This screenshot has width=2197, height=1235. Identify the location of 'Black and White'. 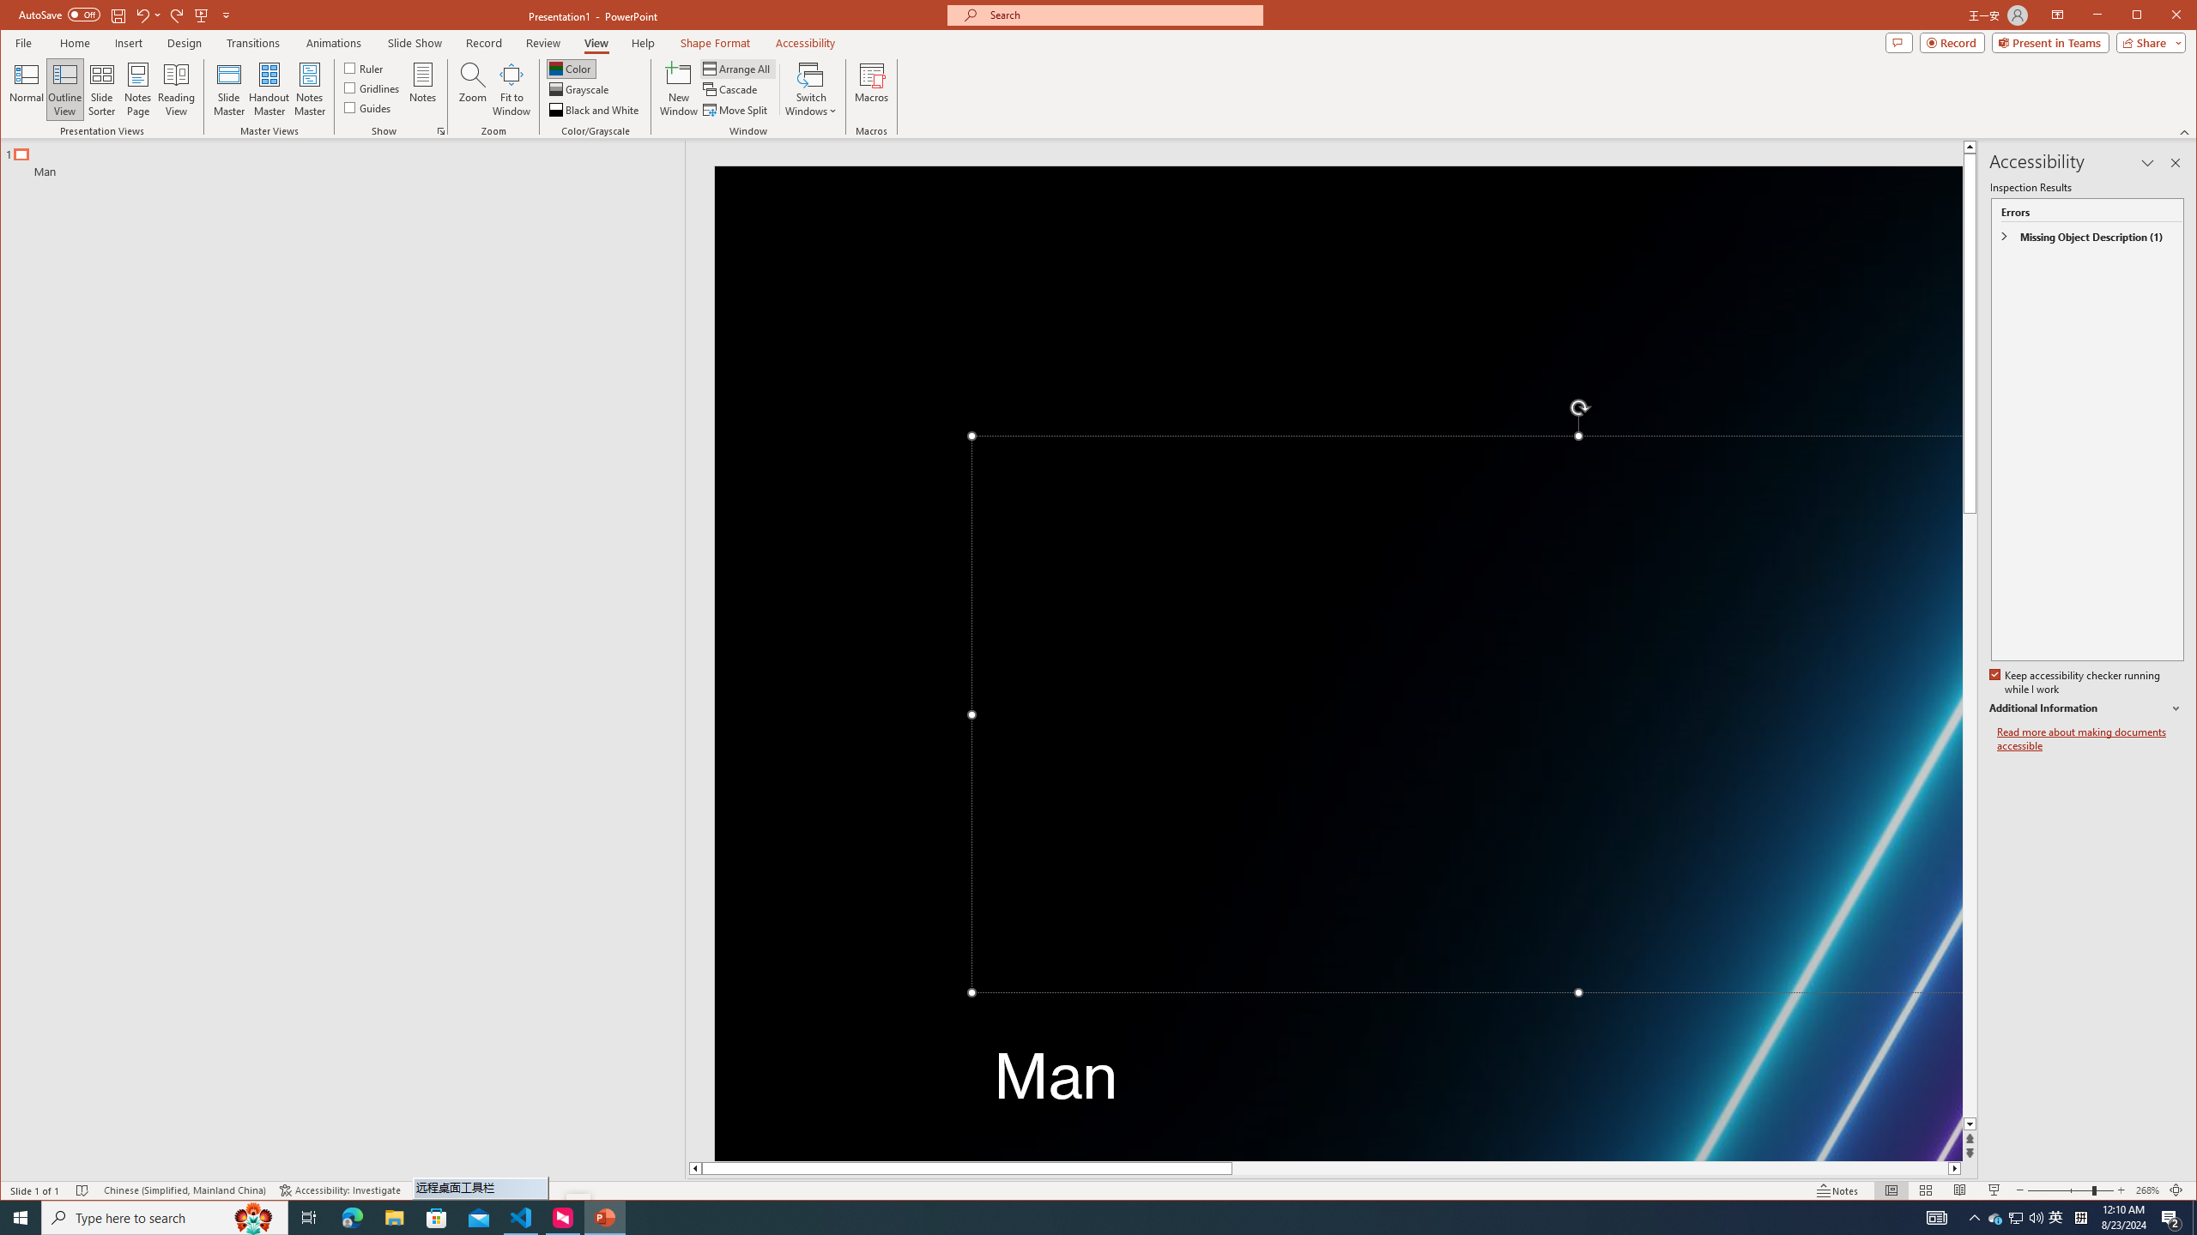
(594, 109).